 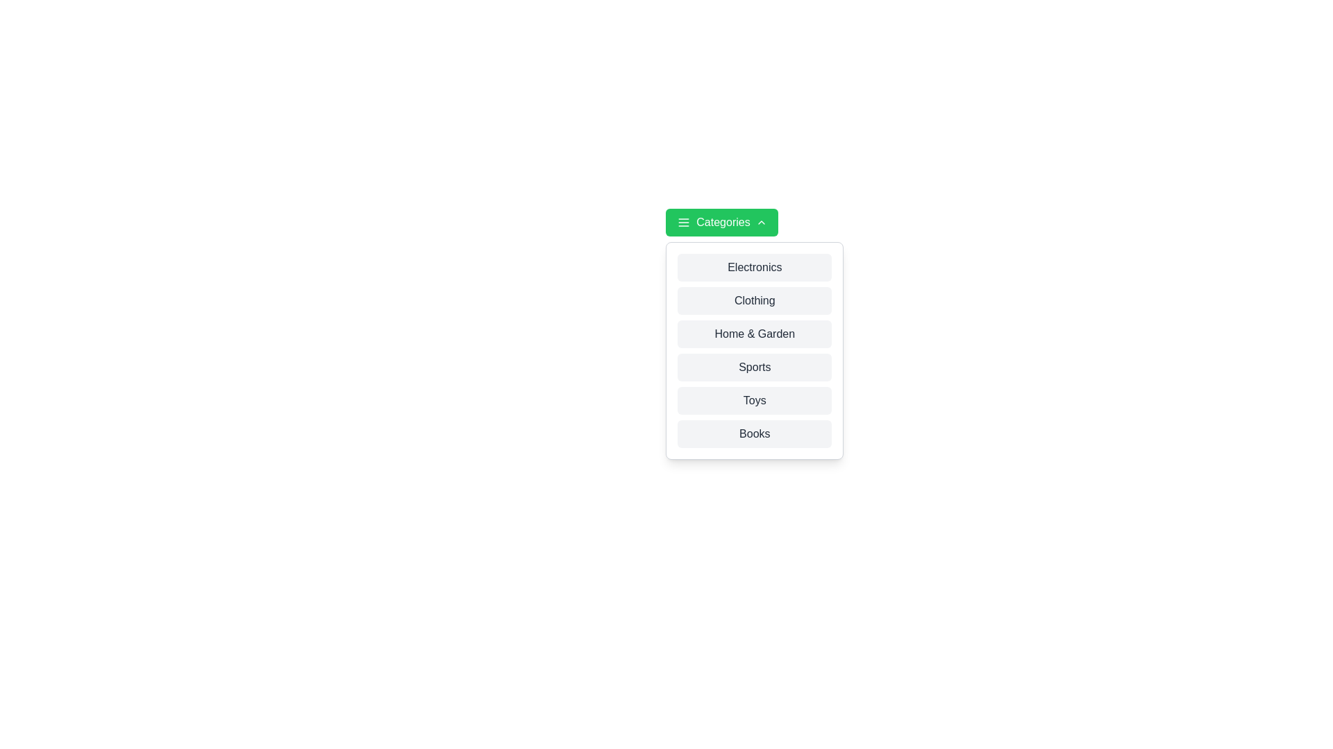 What do you see at coordinates (760, 221) in the screenshot?
I see `the small upward-pointing chevron icon located to the right of the 'Categories' text within a green background element` at bounding box center [760, 221].